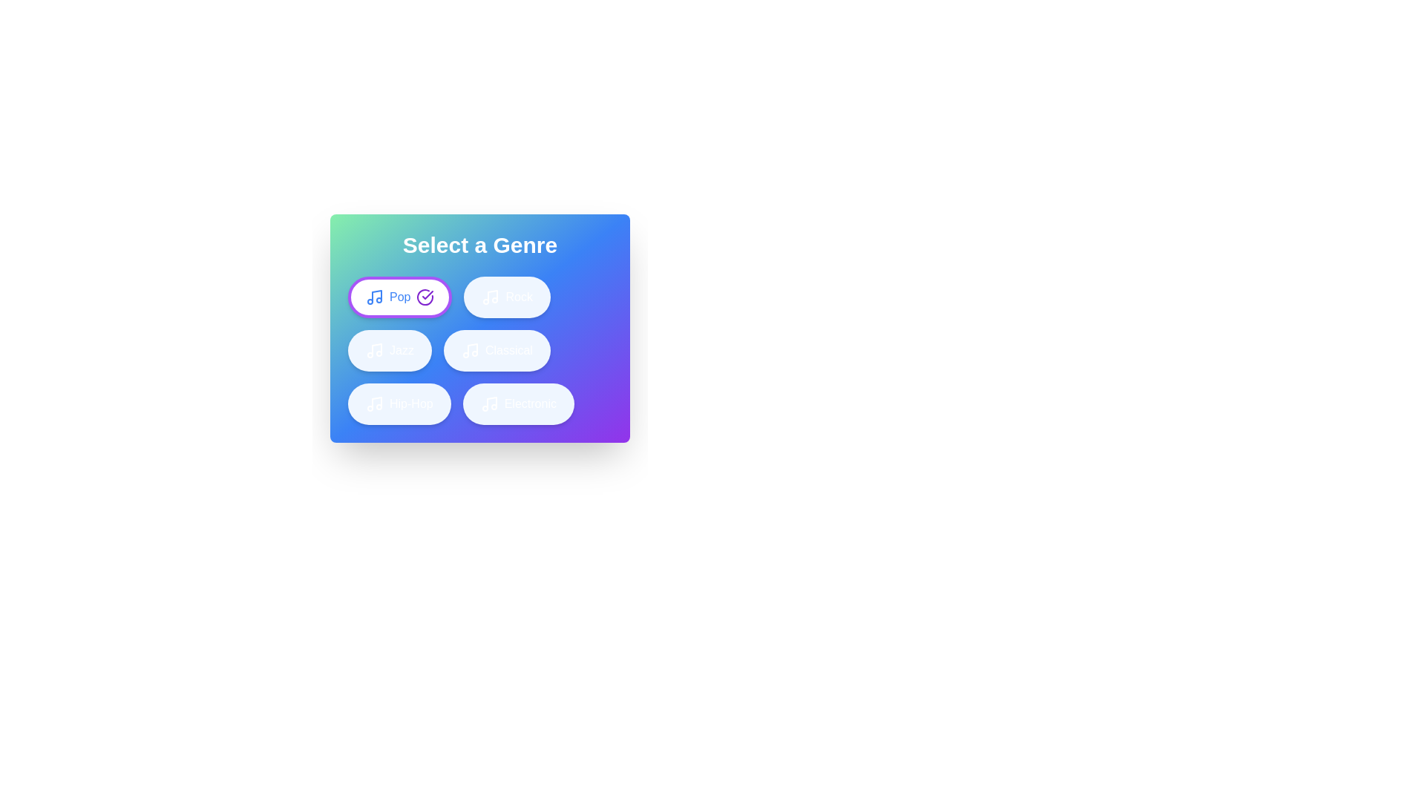 The height and width of the screenshot is (801, 1425). What do you see at coordinates (411, 403) in the screenshot?
I see `the button labeled 'Hip-Hop'` at bounding box center [411, 403].